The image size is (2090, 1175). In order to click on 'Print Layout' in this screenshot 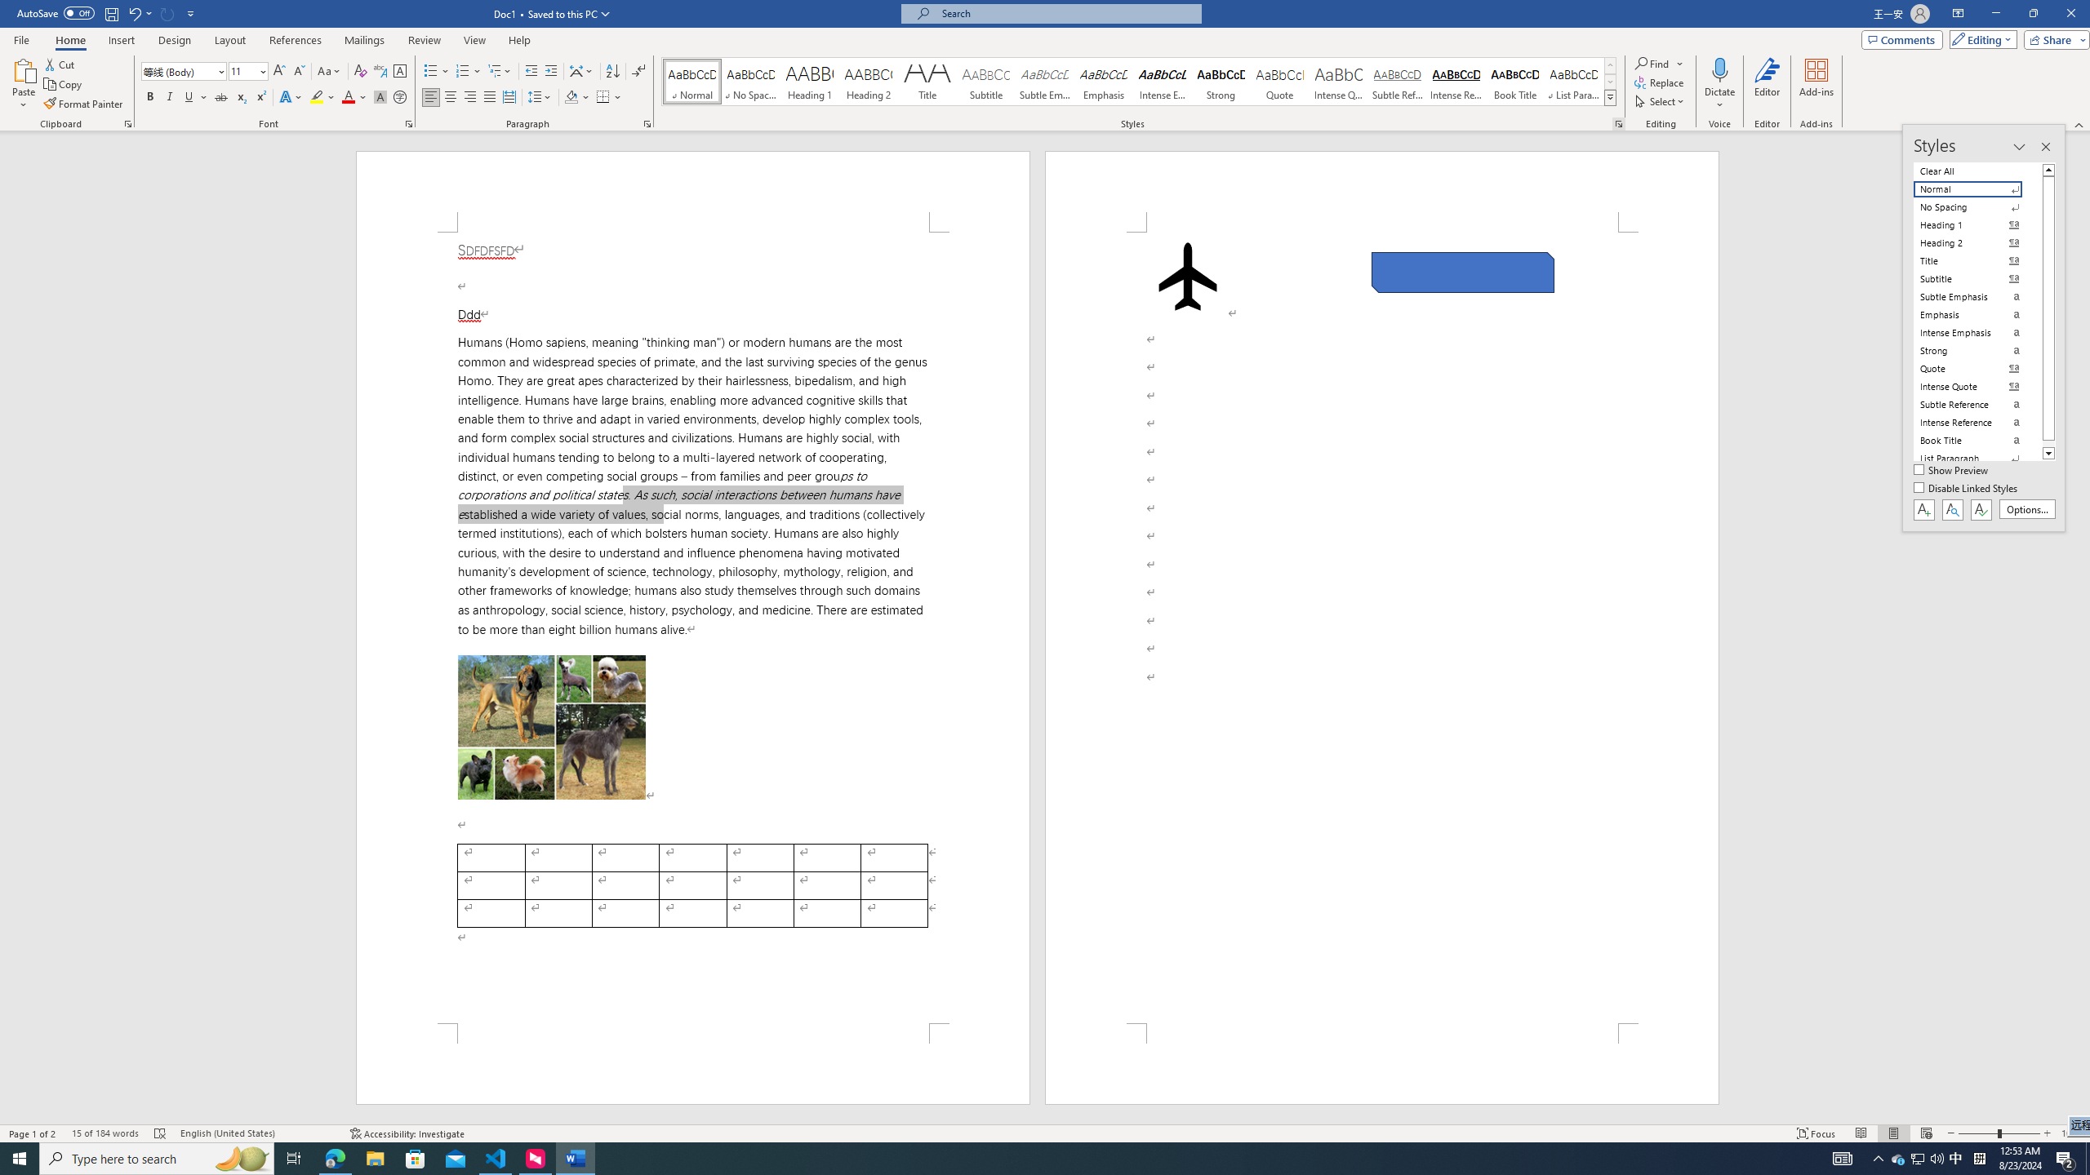, I will do `click(1893, 1133)`.